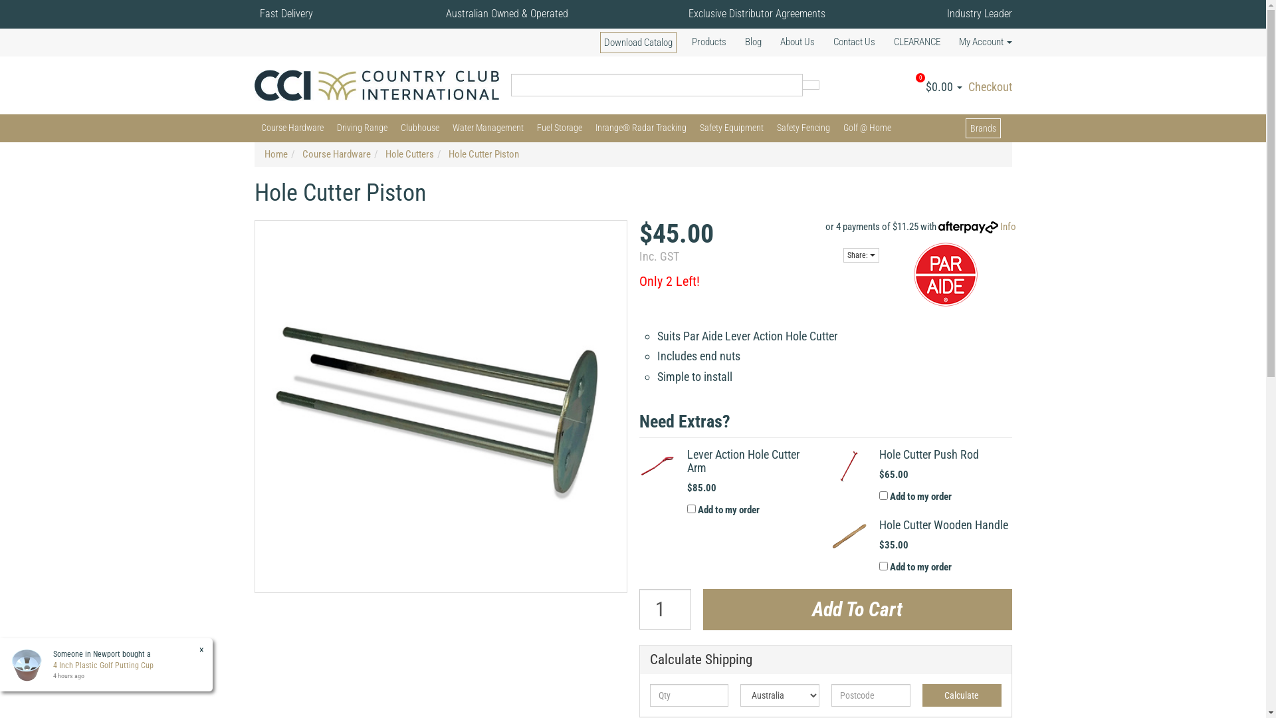  I want to click on 'CLEARANCE', so click(915, 41).